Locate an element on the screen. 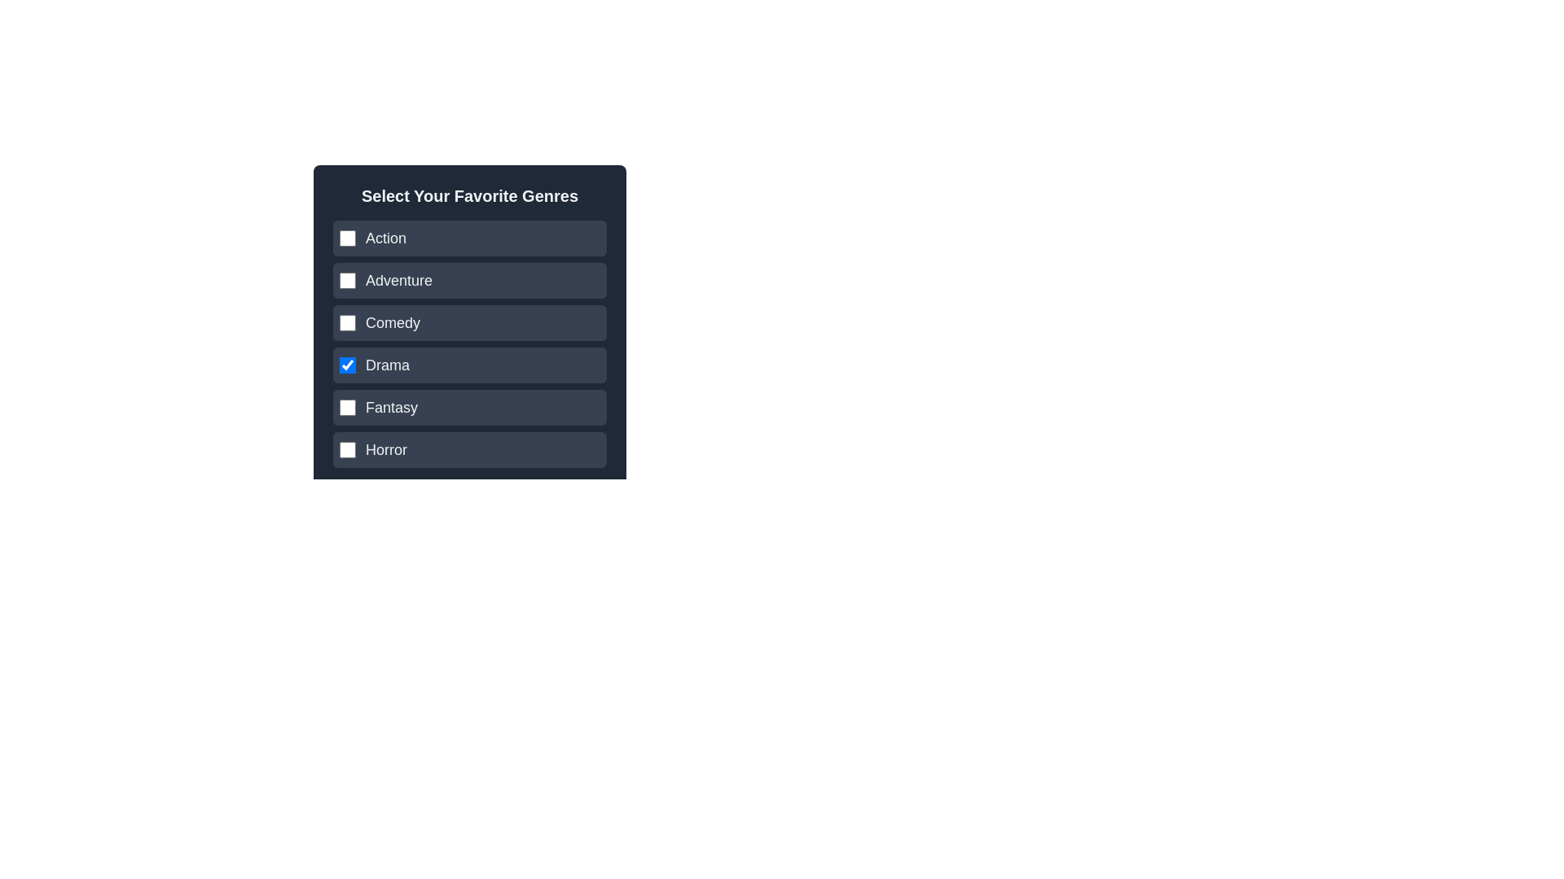 The width and height of the screenshot is (1564, 879). the checkbox for the 'Drama' genre is located at coordinates (347, 364).